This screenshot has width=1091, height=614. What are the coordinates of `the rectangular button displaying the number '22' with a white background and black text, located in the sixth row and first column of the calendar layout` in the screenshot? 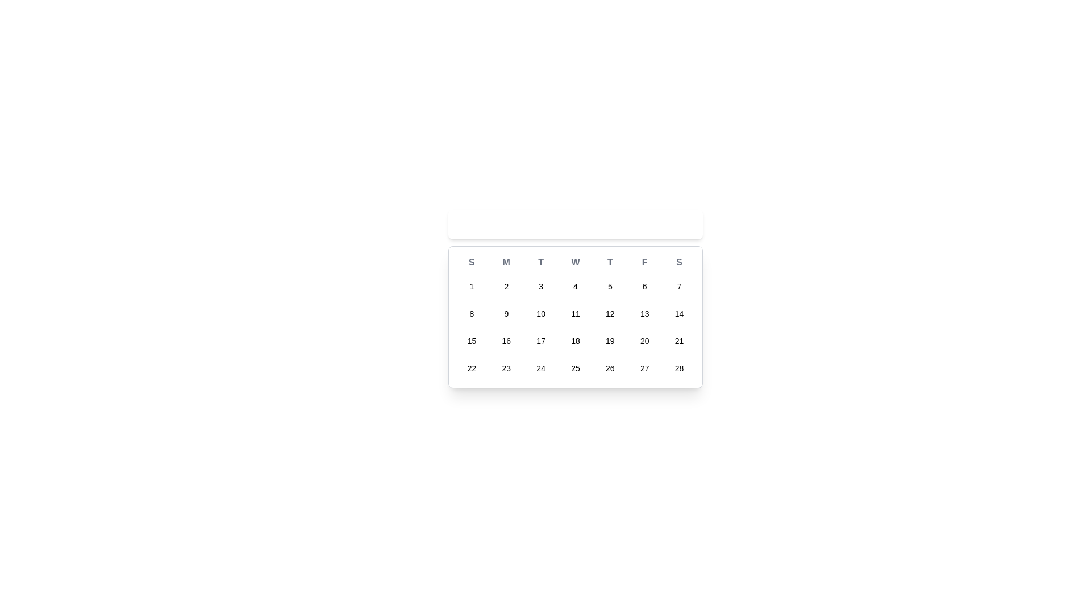 It's located at (472, 368).